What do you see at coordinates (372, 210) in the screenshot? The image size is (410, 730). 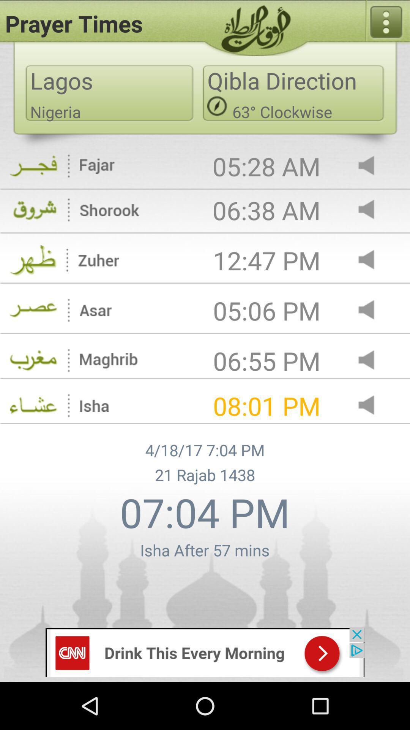 I see `the sound` at bounding box center [372, 210].